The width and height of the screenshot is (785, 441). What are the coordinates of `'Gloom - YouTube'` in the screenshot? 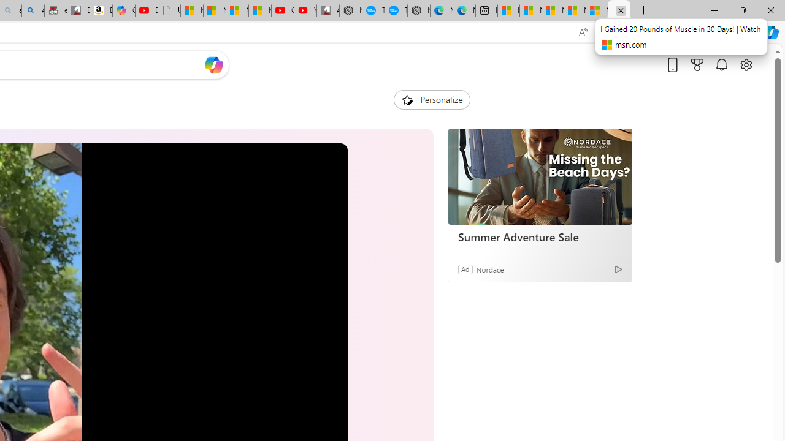 It's located at (281, 10).